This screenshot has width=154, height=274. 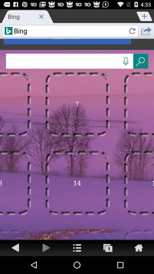 What do you see at coordinates (46, 265) in the screenshot?
I see `the play icon` at bounding box center [46, 265].